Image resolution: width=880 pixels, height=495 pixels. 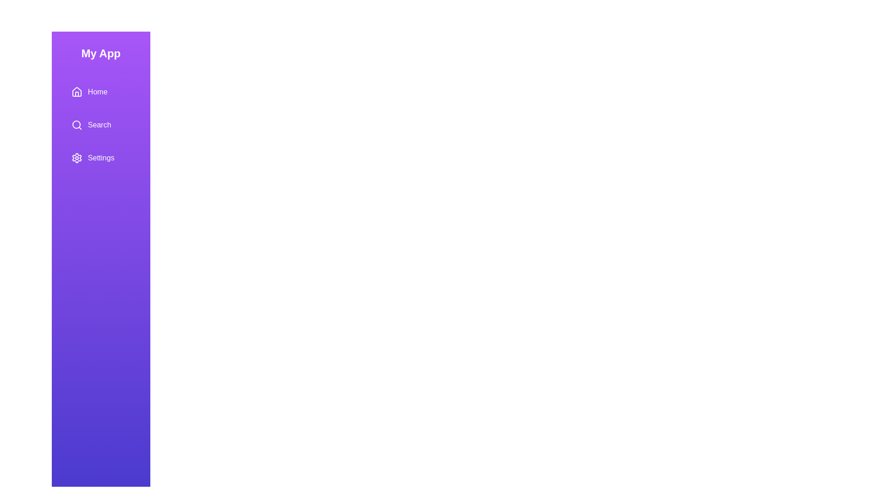 I want to click on the menu item Search to open the context menu, so click(x=101, y=125).